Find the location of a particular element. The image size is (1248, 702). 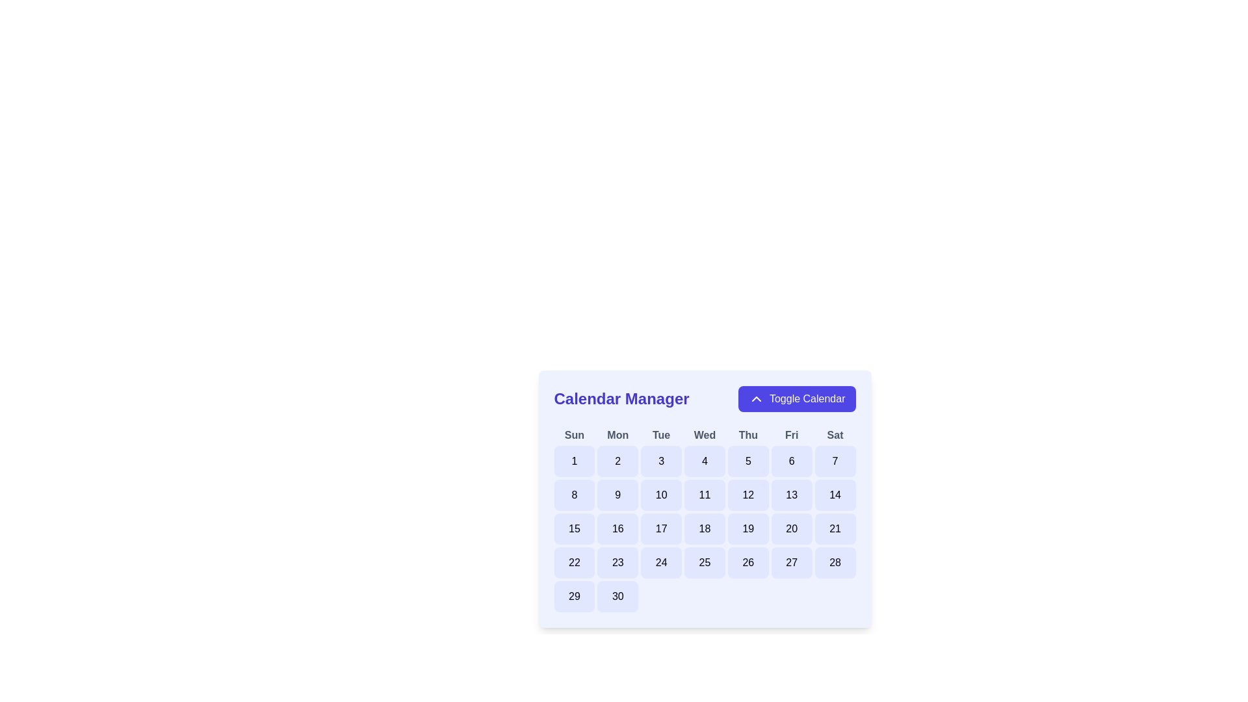

the bold 'Wed' text in the calendar header, which is the fourth day in the week, located between 'Tue' and 'Thu' is located at coordinates (704, 435).